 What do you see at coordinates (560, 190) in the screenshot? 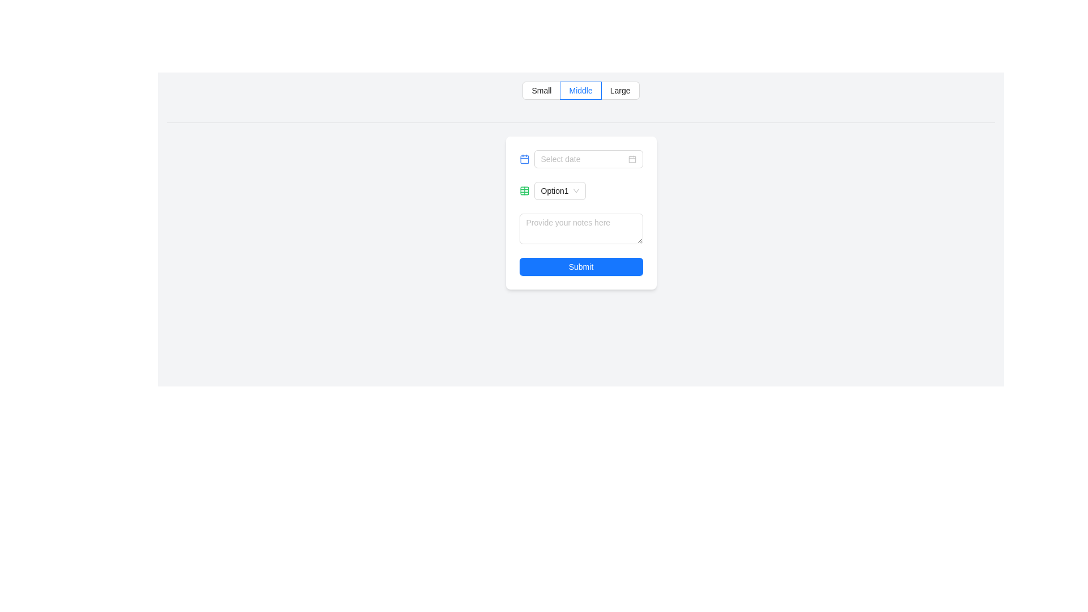
I see `the dropdown menu labeled 'Option1'` at bounding box center [560, 190].